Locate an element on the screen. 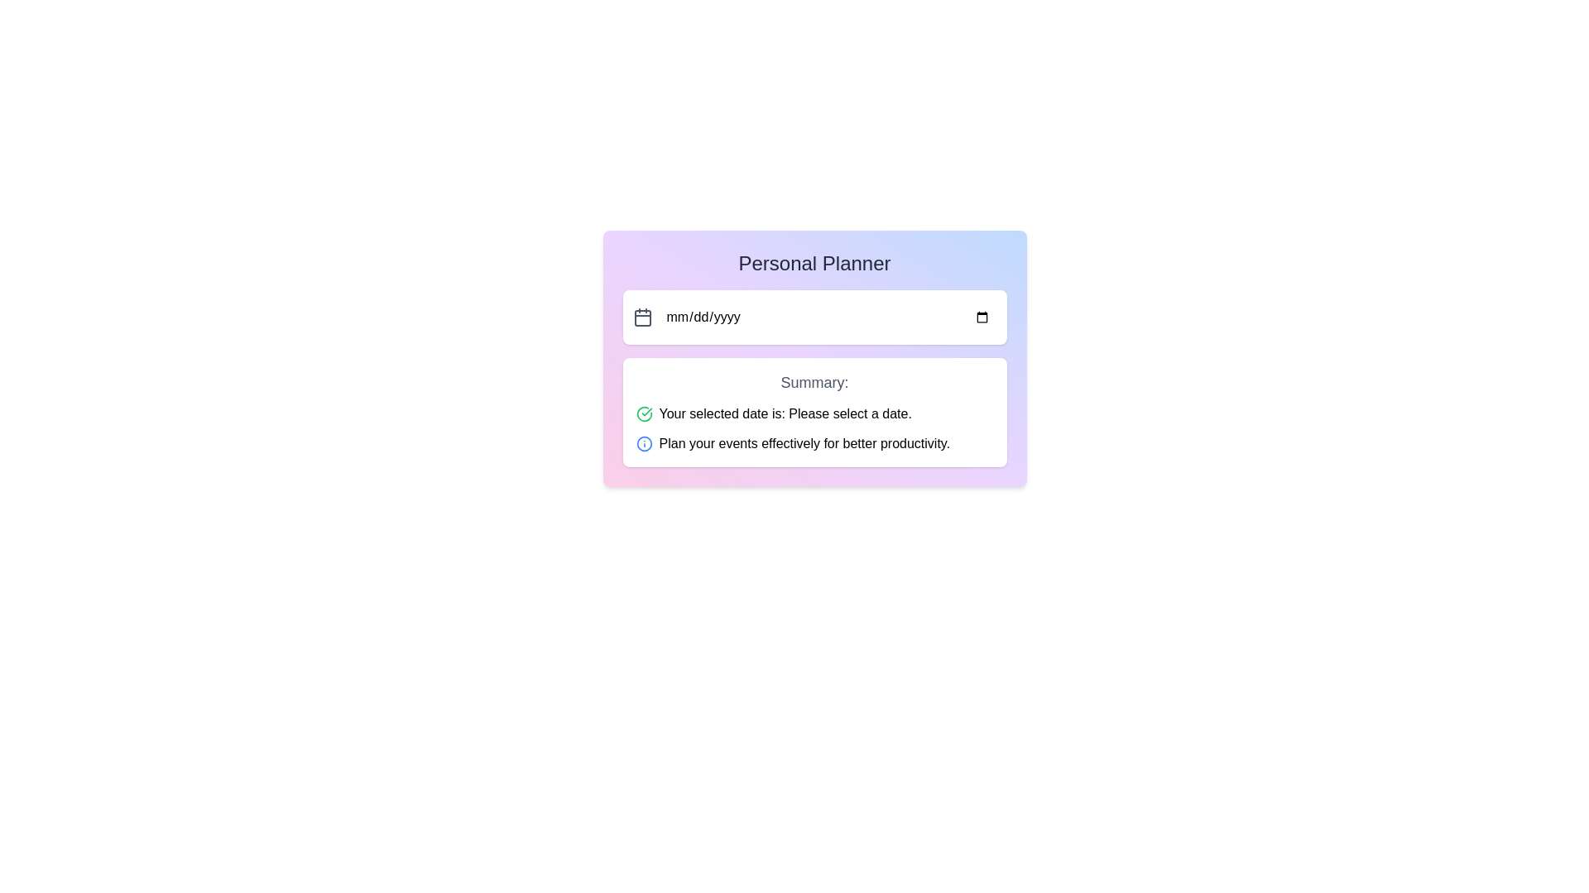  static text label that displays 'Your selected date is: Please select a date.' located in the summary section below the date input field is located at coordinates (785, 413).